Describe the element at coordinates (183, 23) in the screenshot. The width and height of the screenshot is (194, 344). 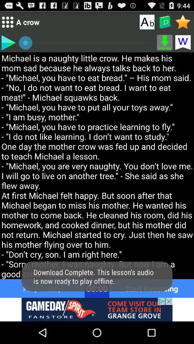
I see `the star icon` at that location.